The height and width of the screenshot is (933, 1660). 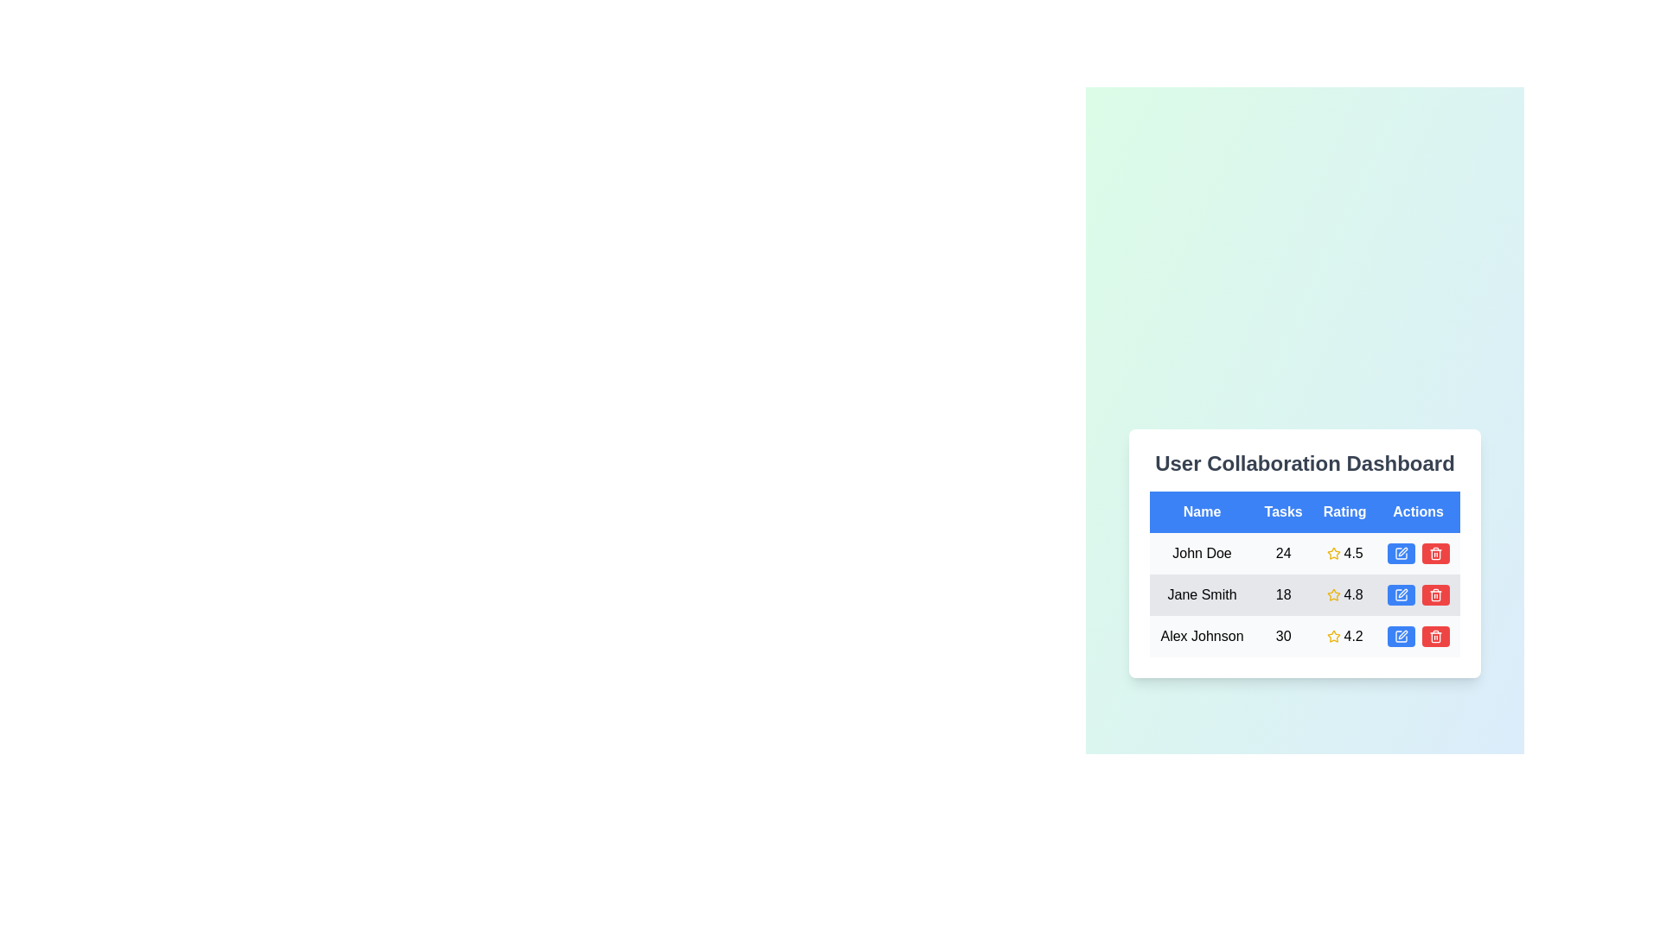 I want to click on the small blue square button with a pen icon in the 'Actions' column of the first row in the User Collaboration Dashboard, so click(x=1401, y=553).